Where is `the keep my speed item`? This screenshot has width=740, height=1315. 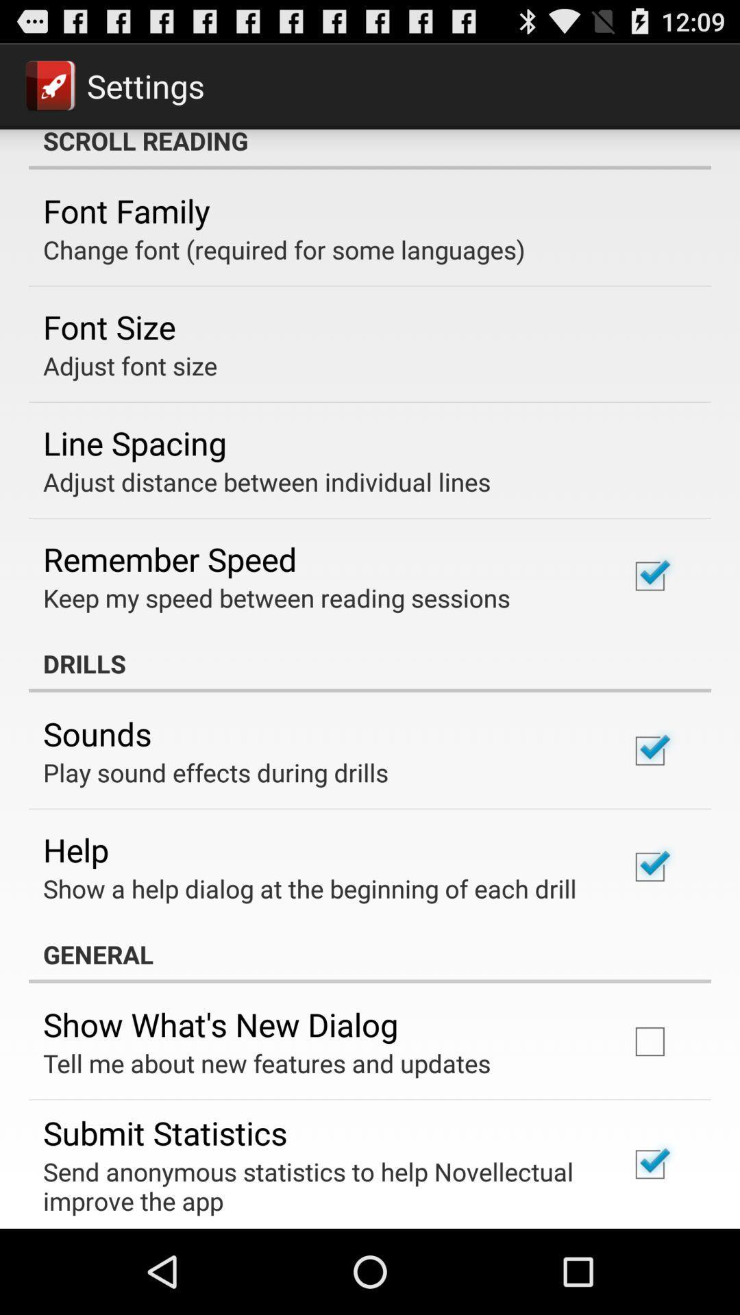 the keep my speed item is located at coordinates (276, 598).